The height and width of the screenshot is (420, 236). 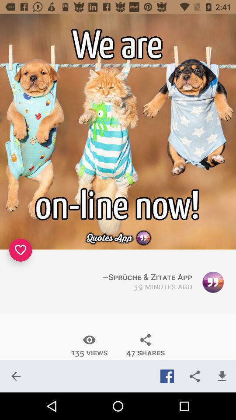 I want to click on the item below the 39 minutes ago, so click(x=146, y=345).